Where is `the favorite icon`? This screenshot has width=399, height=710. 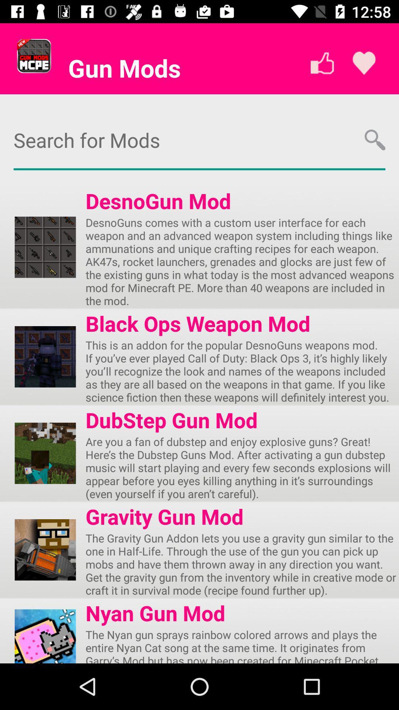 the favorite icon is located at coordinates (364, 63).